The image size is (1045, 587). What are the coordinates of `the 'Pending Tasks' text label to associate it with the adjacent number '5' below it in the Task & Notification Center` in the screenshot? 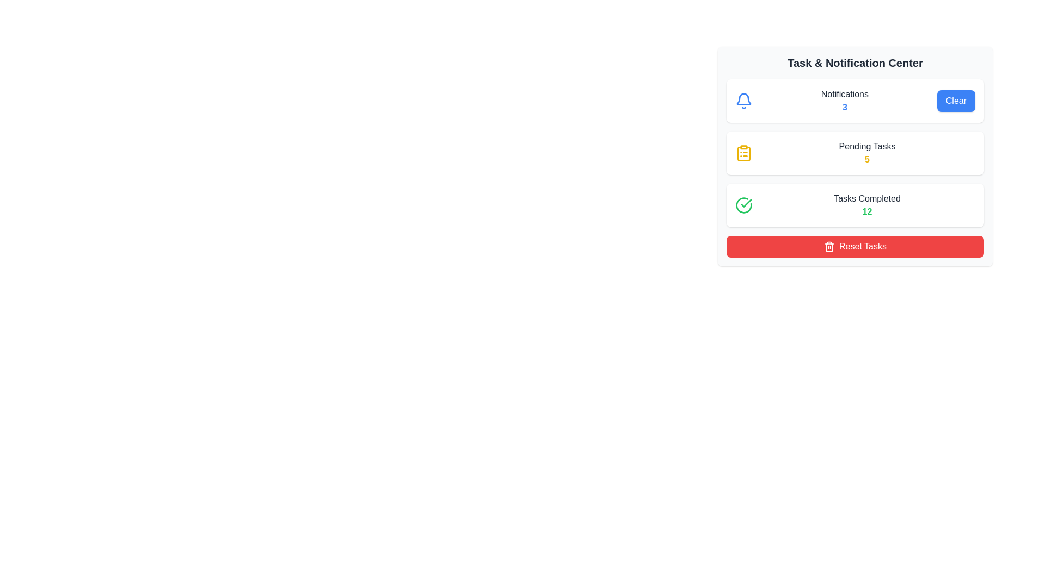 It's located at (866, 147).